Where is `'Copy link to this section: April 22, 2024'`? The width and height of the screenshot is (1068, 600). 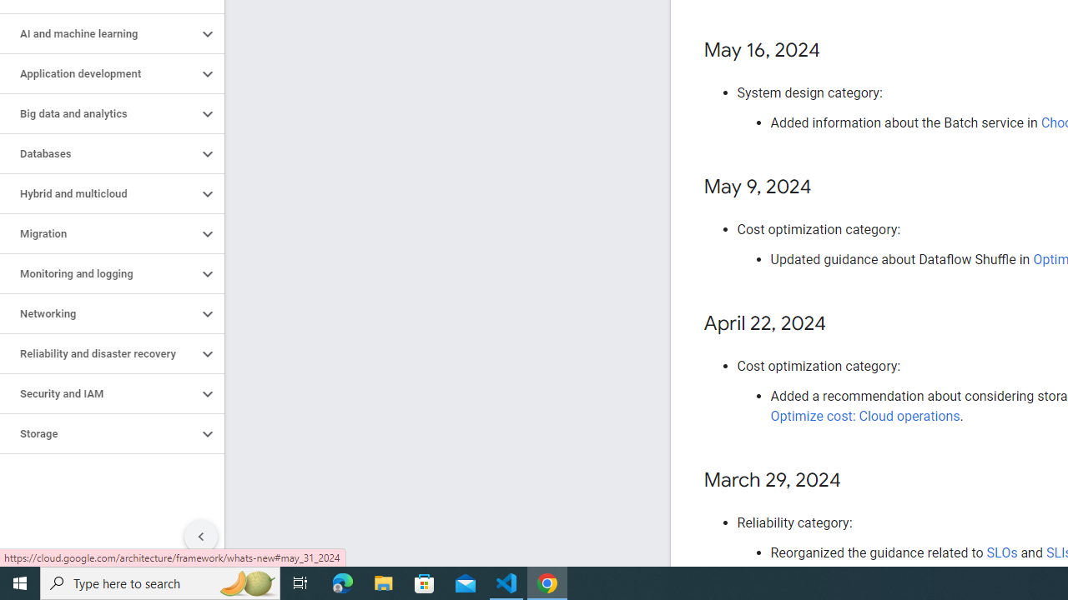
'Copy link to this section: April 22, 2024' is located at coordinates (842, 324).